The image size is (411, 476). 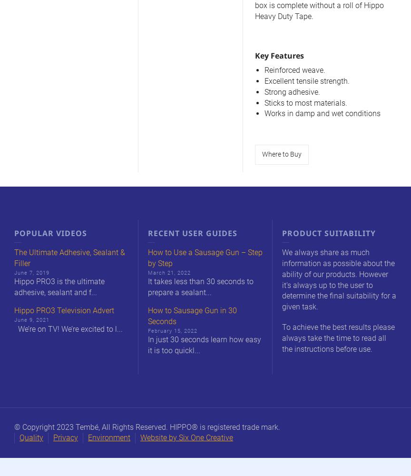 What do you see at coordinates (109, 437) in the screenshot?
I see `'Environment'` at bounding box center [109, 437].